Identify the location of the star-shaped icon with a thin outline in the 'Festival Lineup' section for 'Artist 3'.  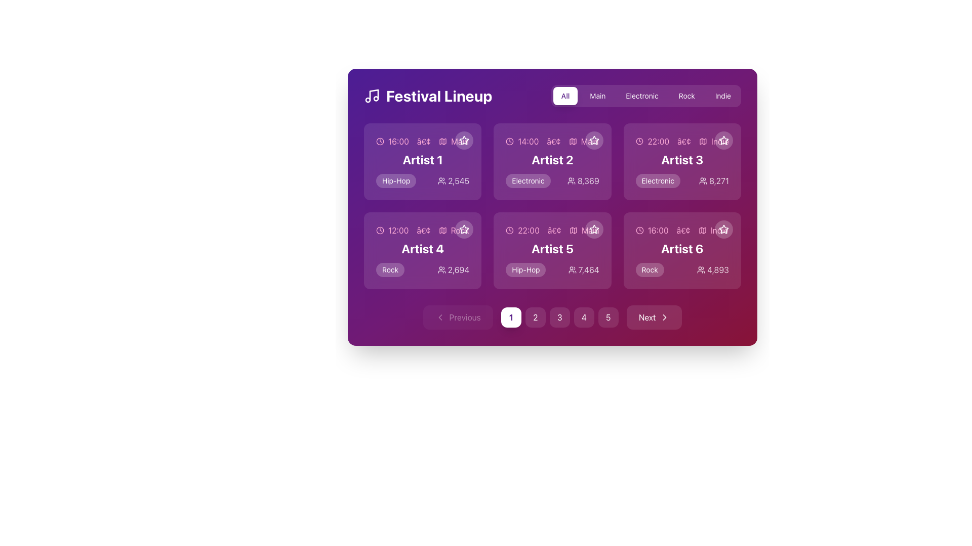
(723, 140).